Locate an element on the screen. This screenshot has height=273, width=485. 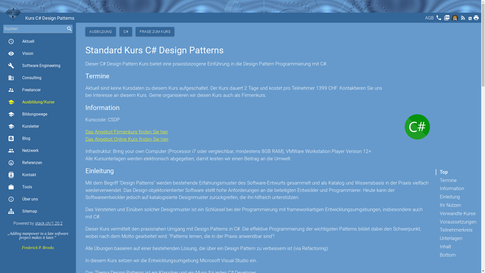
'contacts is located at coordinates (37, 174).